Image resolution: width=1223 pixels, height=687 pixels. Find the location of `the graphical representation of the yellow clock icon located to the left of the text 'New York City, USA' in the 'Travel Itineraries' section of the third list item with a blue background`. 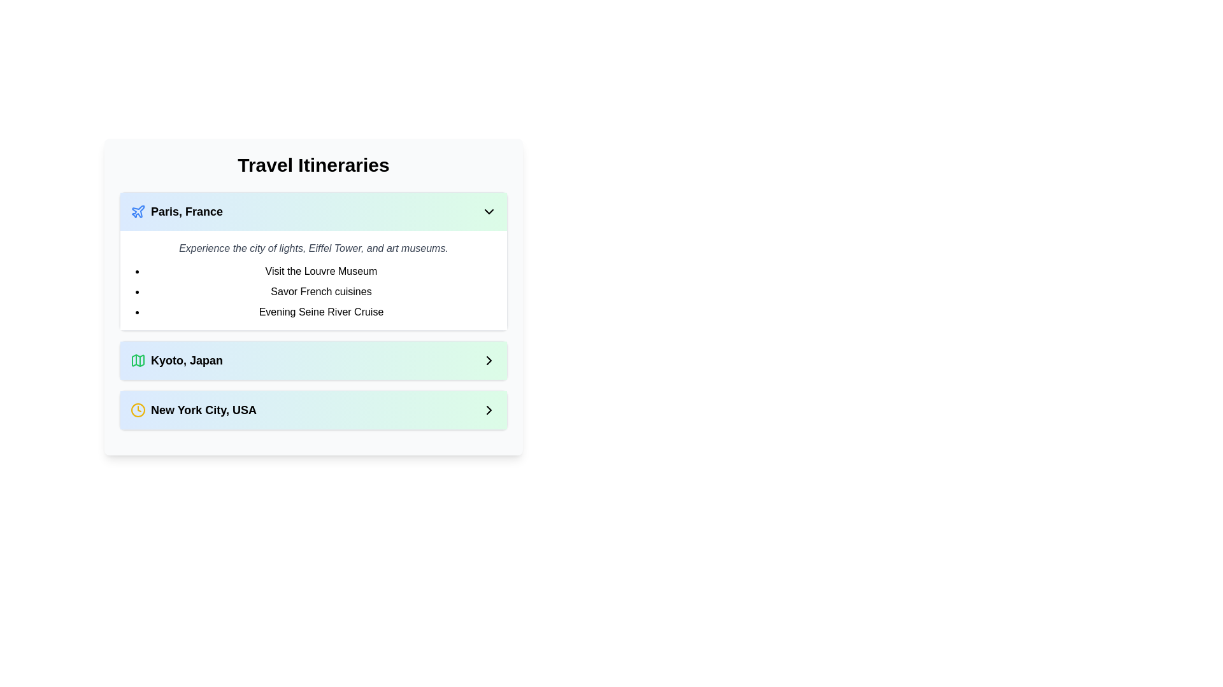

the graphical representation of the yellow clock icon located to the left of the text 'New York City, USA' in the 'Travel Itineraries' section of the third list item with a blue background is located at coordinates (138, 410).